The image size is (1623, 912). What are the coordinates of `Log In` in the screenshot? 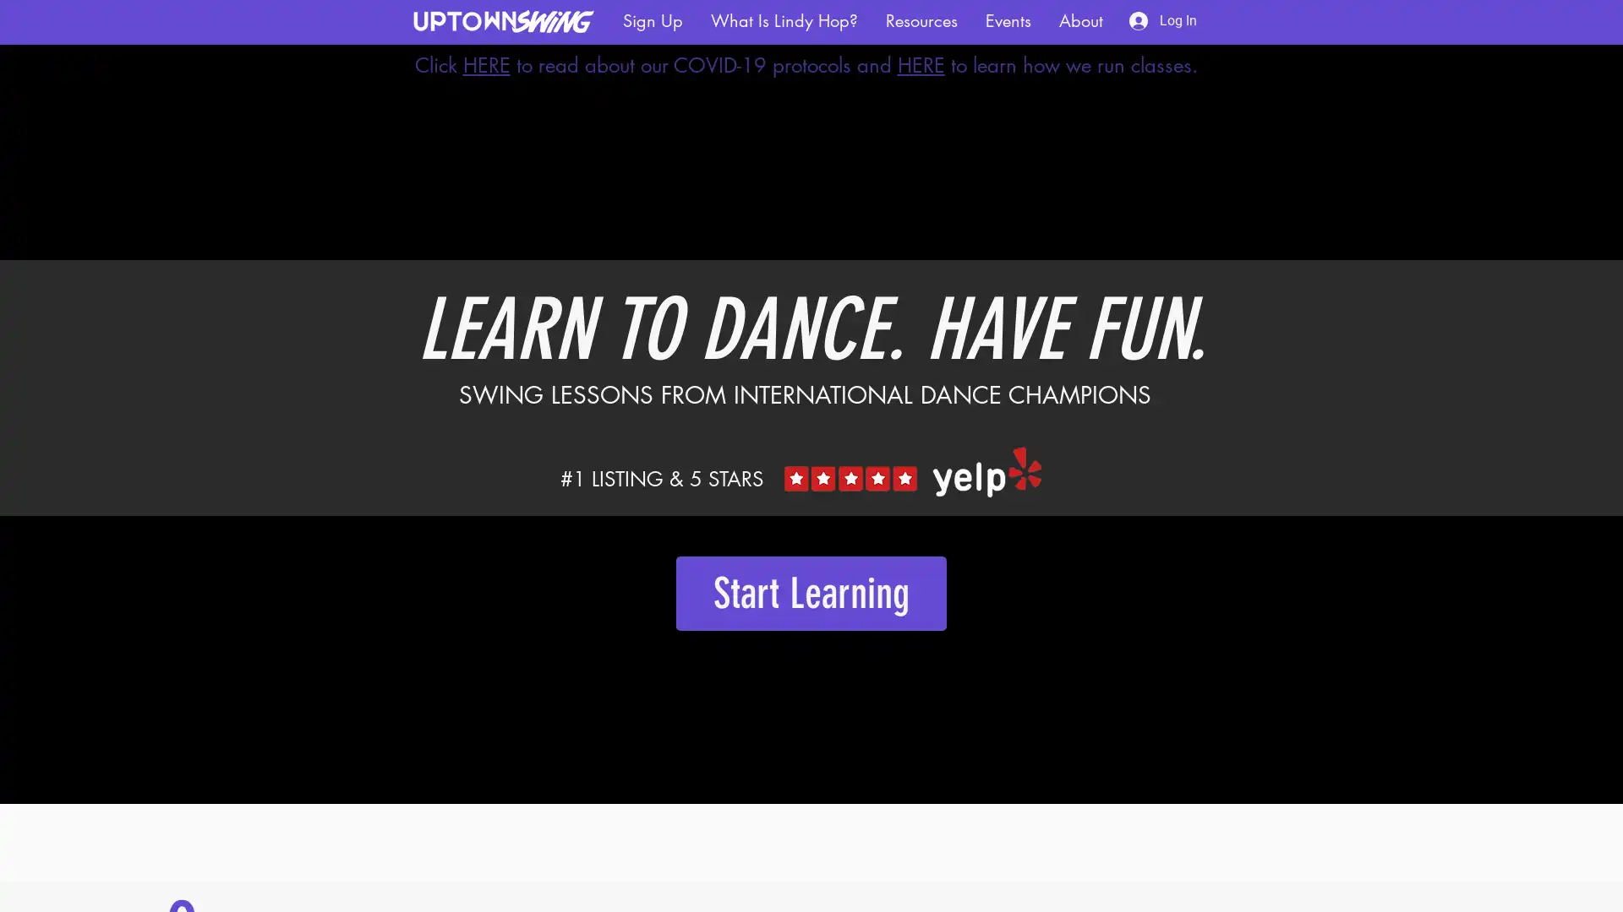 It's located at (1162, 20).